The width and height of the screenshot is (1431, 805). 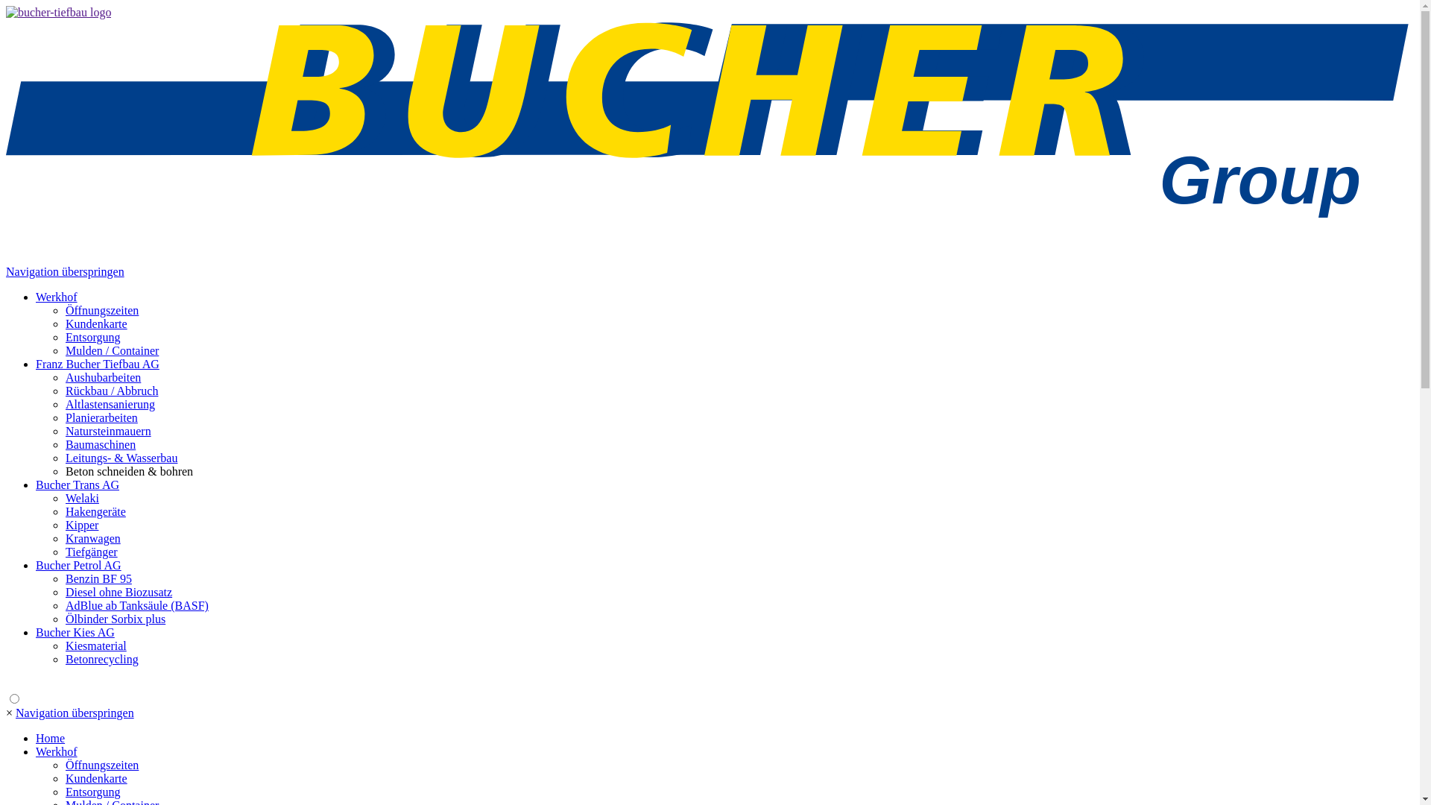 What do you see at coordinates (118, 591) in the screenshot?
I see `'Diesel ohne Biozusatz'` at bounding box center [118, 591].